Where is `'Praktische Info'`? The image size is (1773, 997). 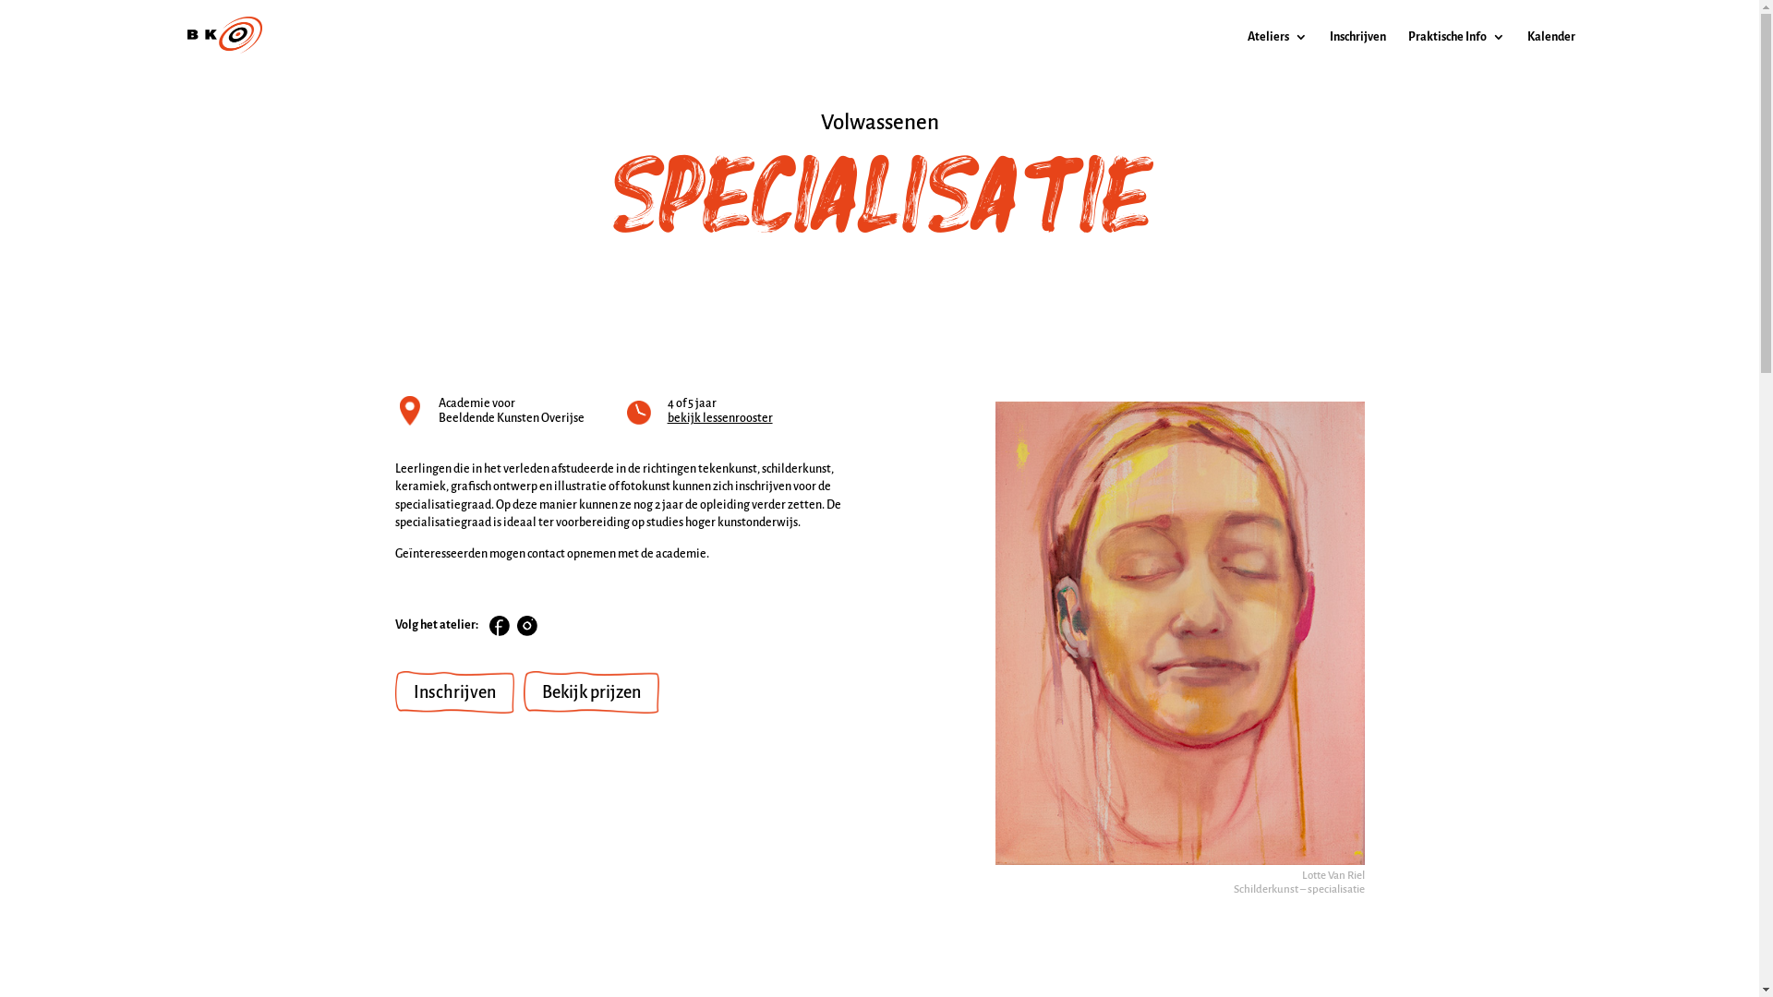 'Praktische Info' is located at coordinates (1405, 51).